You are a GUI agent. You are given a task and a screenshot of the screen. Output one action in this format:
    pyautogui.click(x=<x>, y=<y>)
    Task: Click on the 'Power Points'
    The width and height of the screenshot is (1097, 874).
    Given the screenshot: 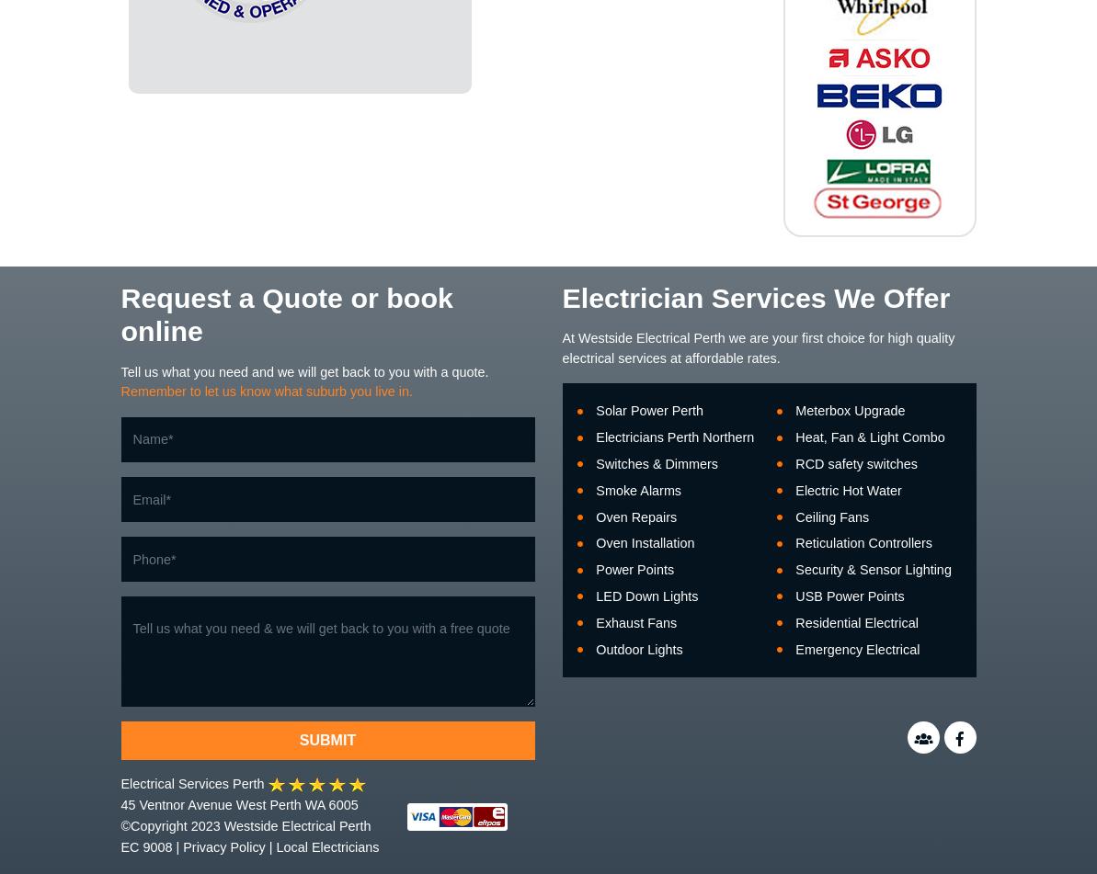 What is the action you would take?
    pyautogui.click(x=634, y=568)
    